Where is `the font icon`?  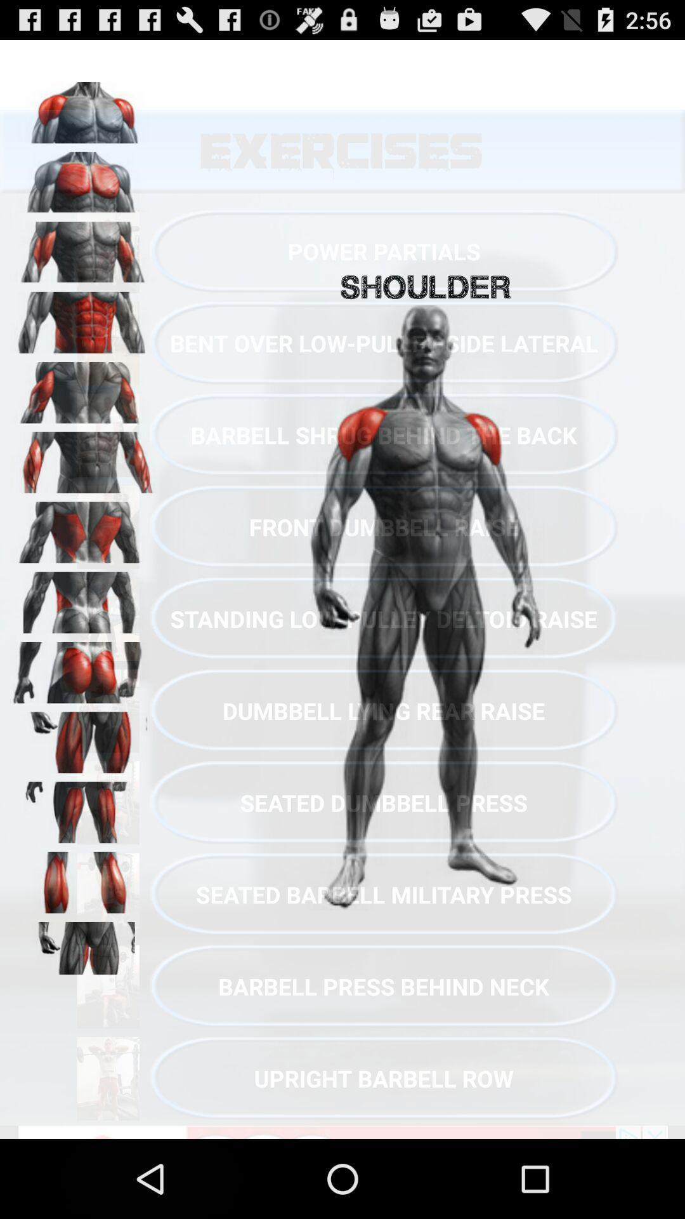 the font icon is located at coordinates (83, 564).